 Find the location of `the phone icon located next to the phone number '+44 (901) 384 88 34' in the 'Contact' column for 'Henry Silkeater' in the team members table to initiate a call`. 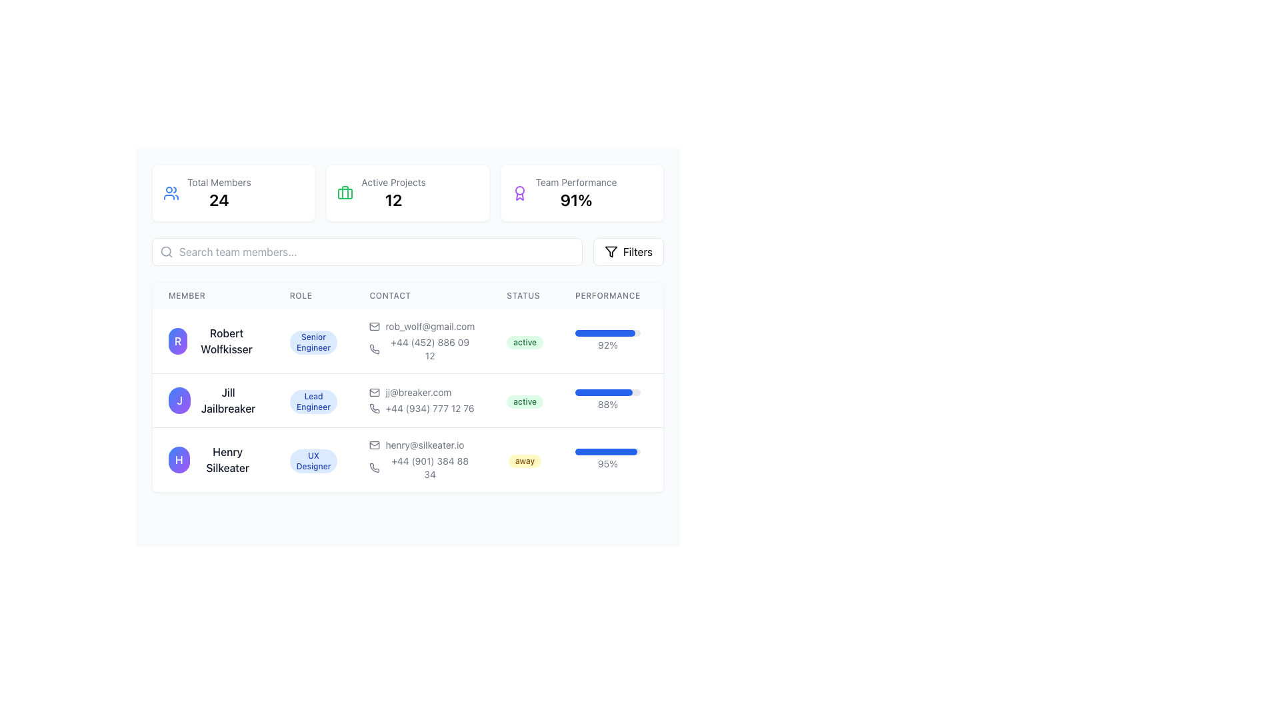

the phone icon located next to the phone number '+44 (901) 384 88 34' in the 'Contact' column for 'Henry Silkeater' in the team members table to initiate a call is located at coordinates (421, 459).